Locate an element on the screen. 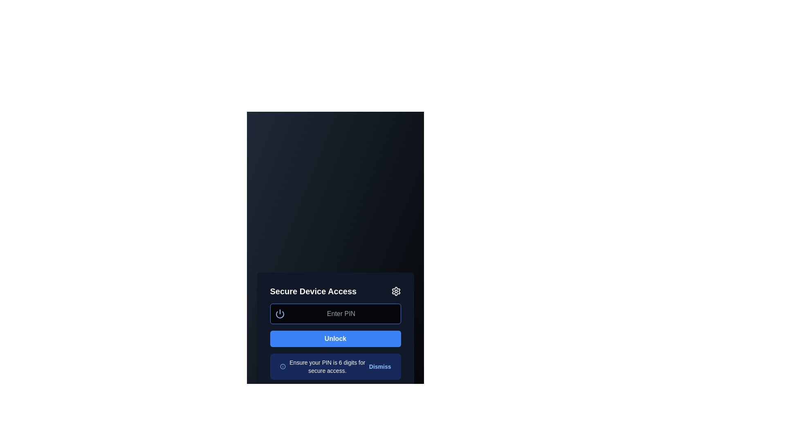 The image size is (785, 442). the circular graphic element that is part of the informational icon structure, located to the left of the text message 'Ensure your PIN is 6 digits for secure access.' in the warning section below the 'Unlock' button is located at coordinates (283, 366).